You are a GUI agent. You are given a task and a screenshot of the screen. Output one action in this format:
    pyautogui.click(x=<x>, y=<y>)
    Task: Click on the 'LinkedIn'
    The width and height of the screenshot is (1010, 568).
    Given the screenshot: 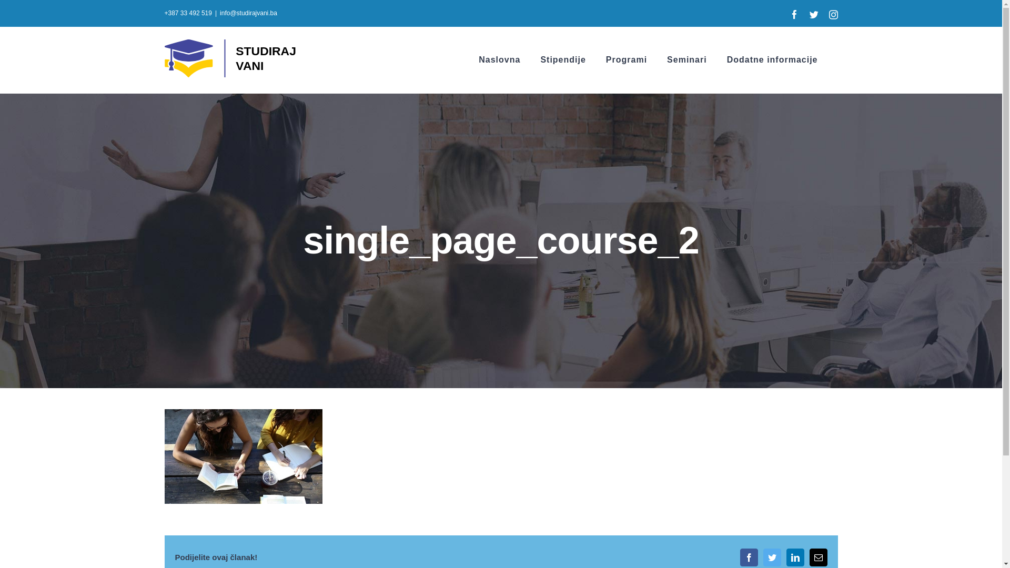 What is the action you would take?
    pyautogui.click(x=795, y=557)
    